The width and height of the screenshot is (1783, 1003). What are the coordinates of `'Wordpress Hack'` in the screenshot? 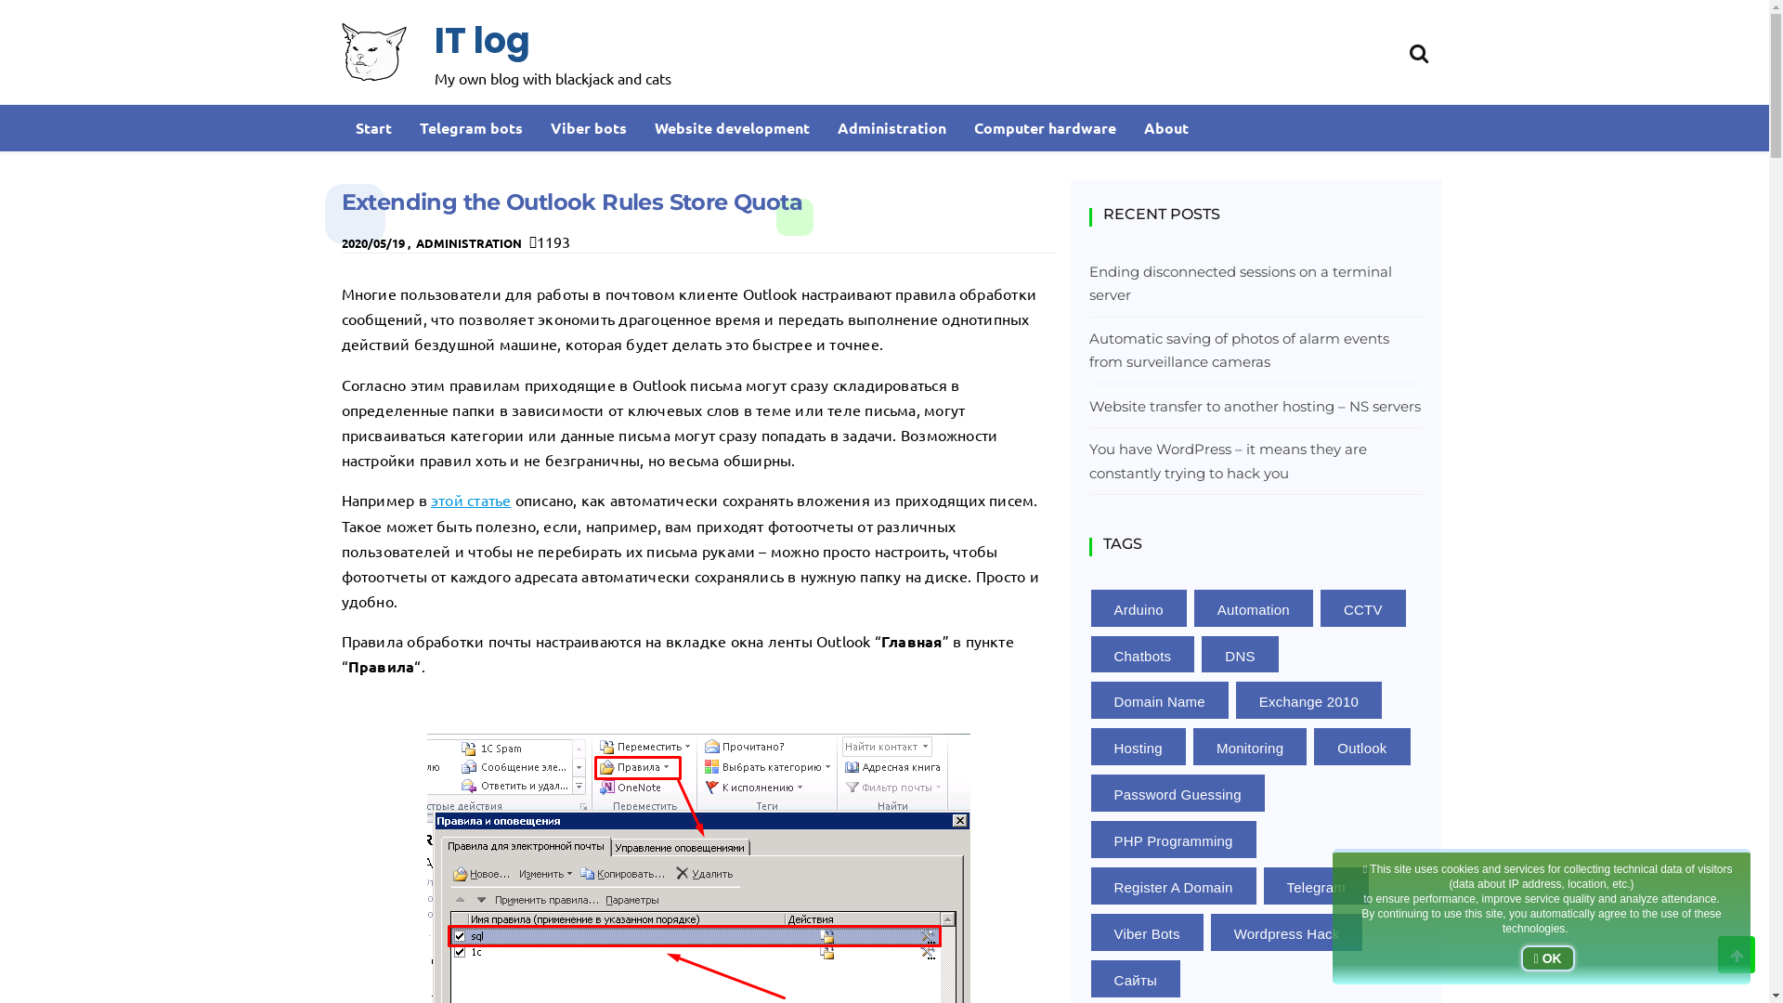 It's located at (1286, 931).